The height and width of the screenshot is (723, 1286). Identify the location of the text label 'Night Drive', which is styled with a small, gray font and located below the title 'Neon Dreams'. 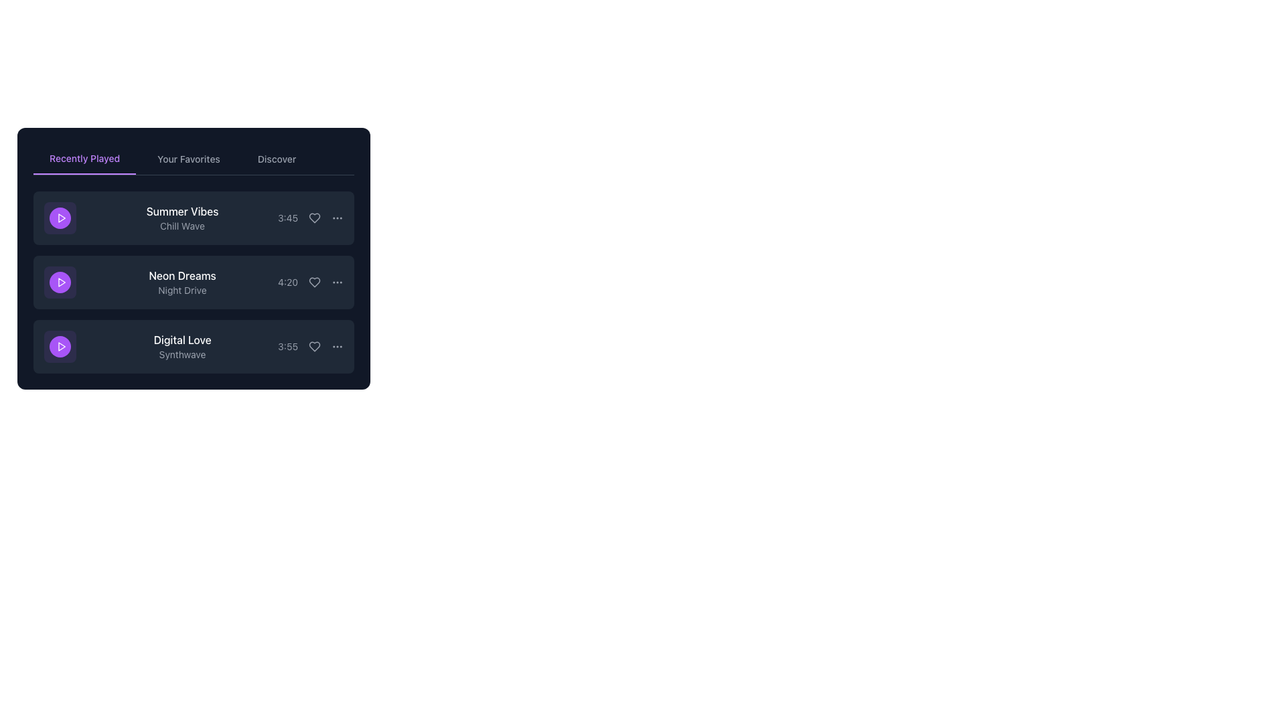
(182, 290).